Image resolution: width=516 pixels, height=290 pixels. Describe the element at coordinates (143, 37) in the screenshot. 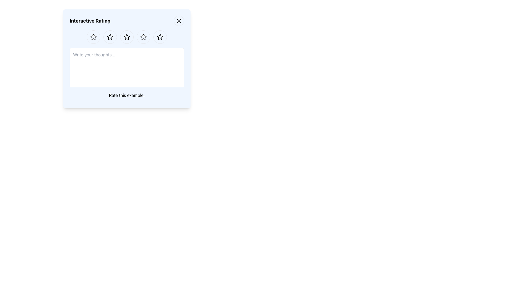

I see `the third star from the left in the horizontal array of five stars to rate` at that location.